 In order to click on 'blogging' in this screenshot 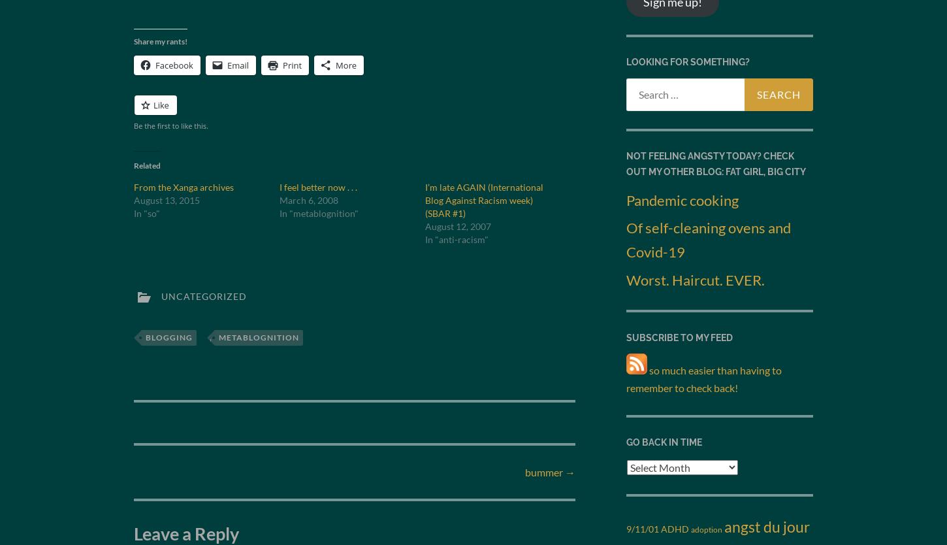, I will do `click(145, 337)`.